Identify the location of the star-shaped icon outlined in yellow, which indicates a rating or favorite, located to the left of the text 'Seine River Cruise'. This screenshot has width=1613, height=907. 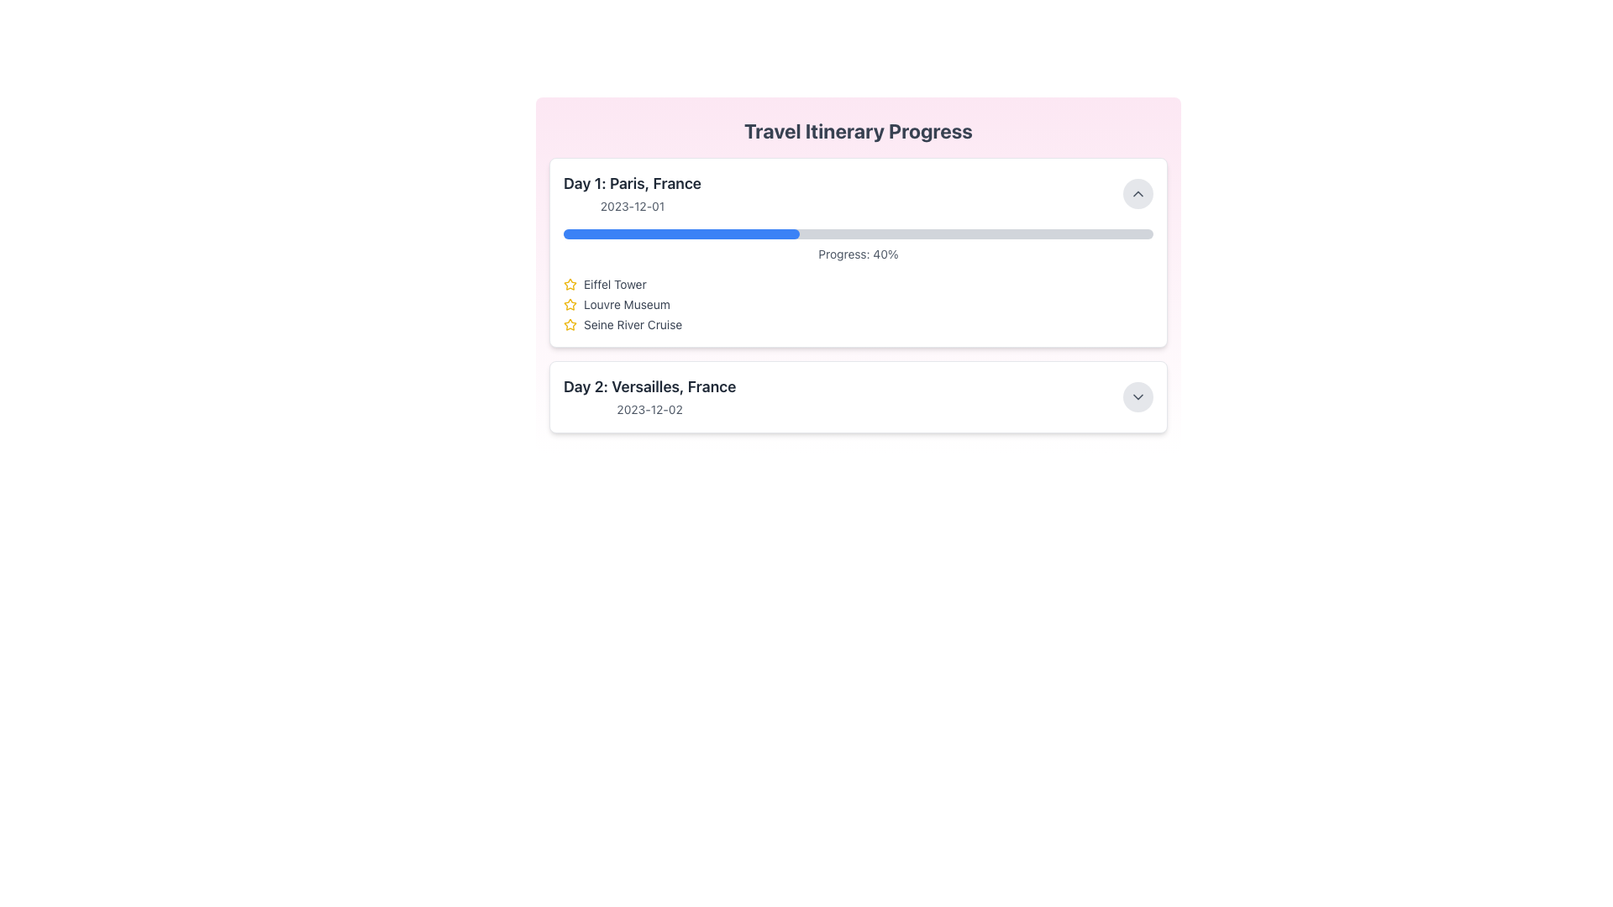
(570, 324).